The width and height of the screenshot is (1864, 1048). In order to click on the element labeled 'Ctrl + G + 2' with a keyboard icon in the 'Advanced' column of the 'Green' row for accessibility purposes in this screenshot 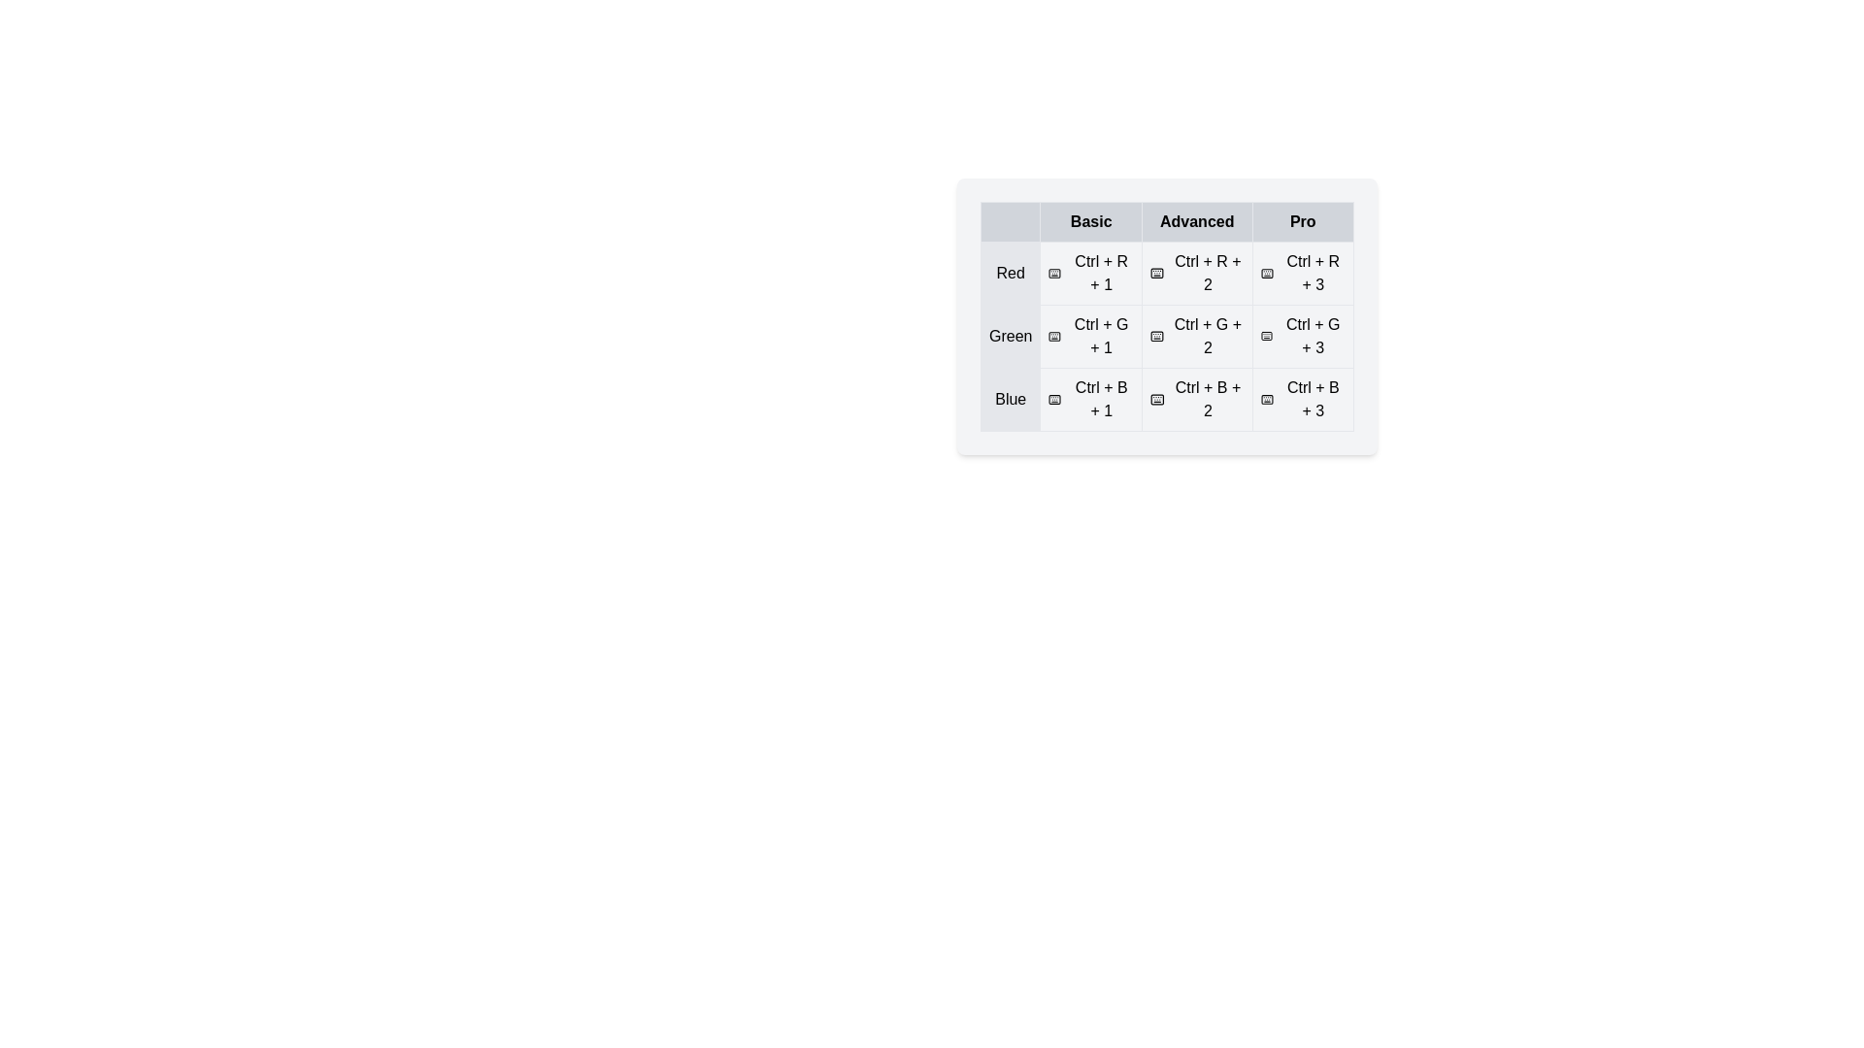, I will do `click(1196, 336)`.